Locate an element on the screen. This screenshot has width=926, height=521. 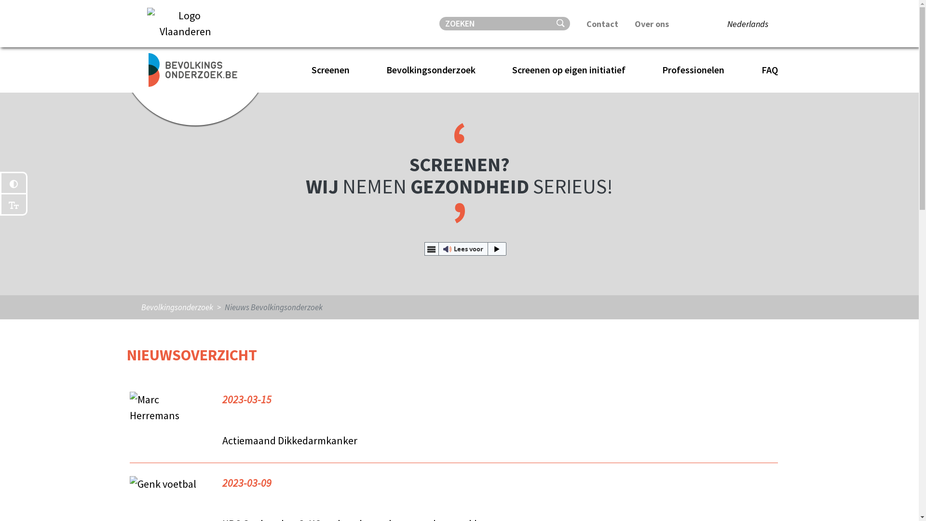
'Screenen op eigen initiatief' is located at coordinates (572, 69).